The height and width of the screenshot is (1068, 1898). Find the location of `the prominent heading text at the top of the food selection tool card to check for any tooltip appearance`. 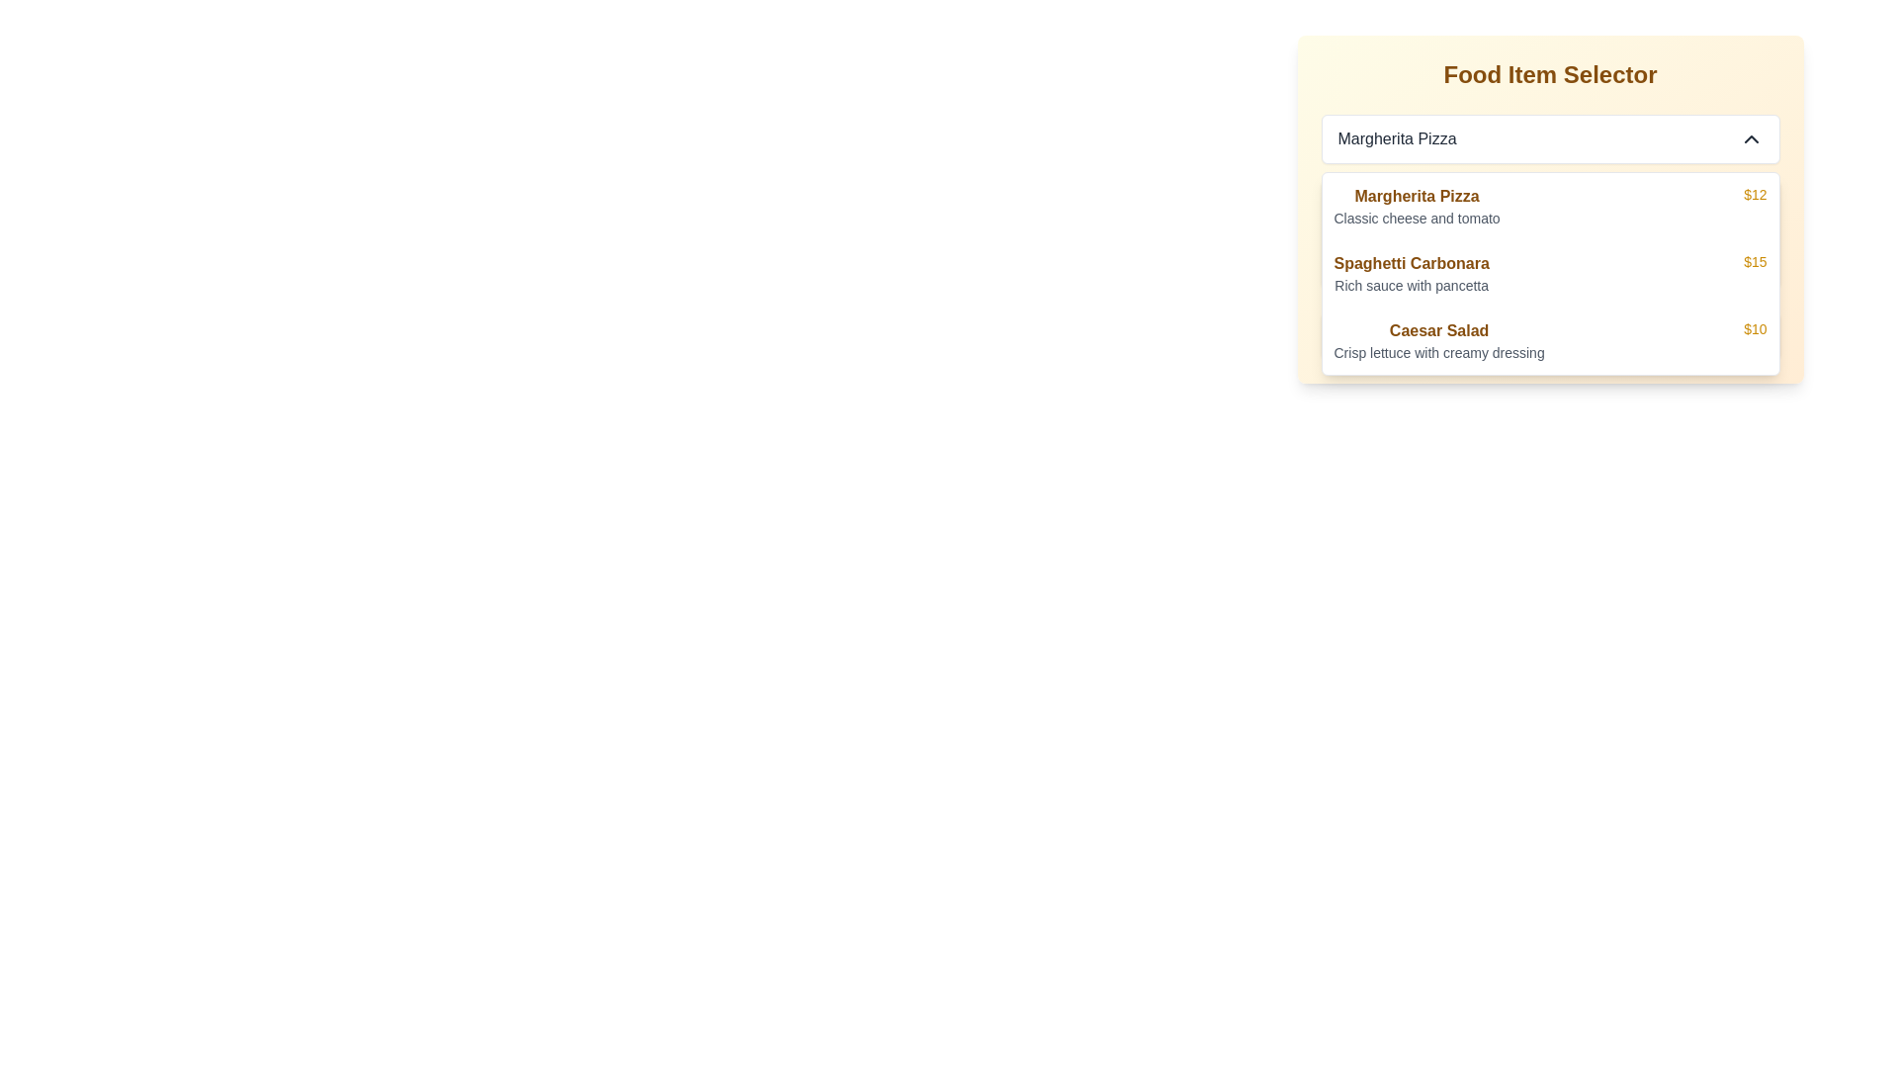

the prominent heading text at the top of the food selection tool card to check for any tooltip appearance is located at coordinates (1549, 74).